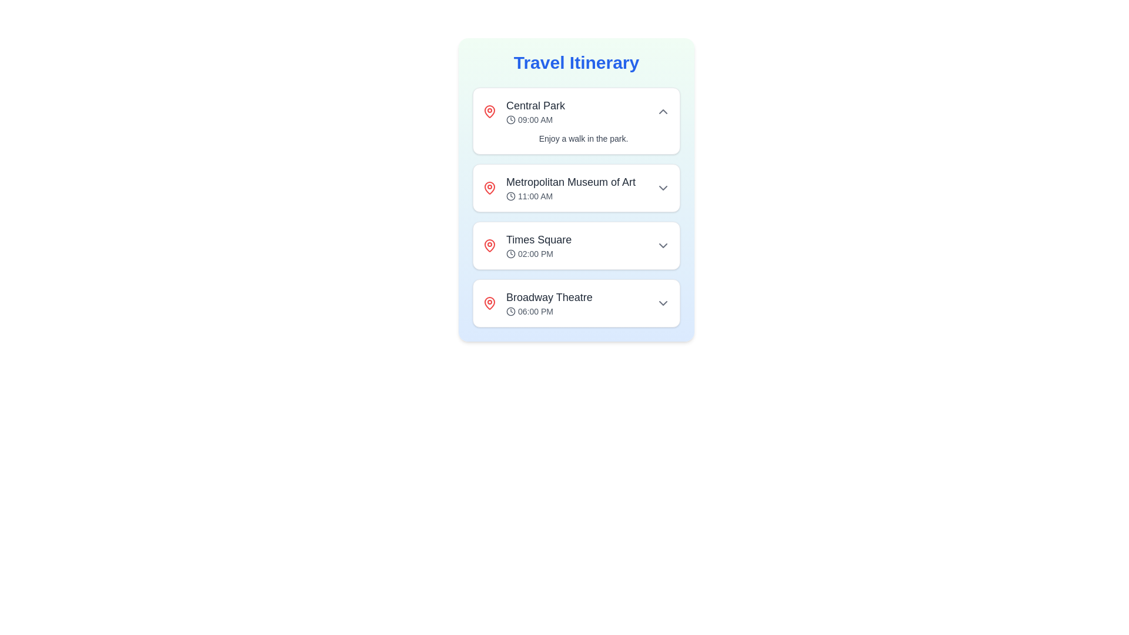 This screenshot has height=635, width=1129. Describe the element at coordinates (663, 245) in the screenshot. I see `the Toggle Icon for the 'Times Square' itinerary entry` at that location.